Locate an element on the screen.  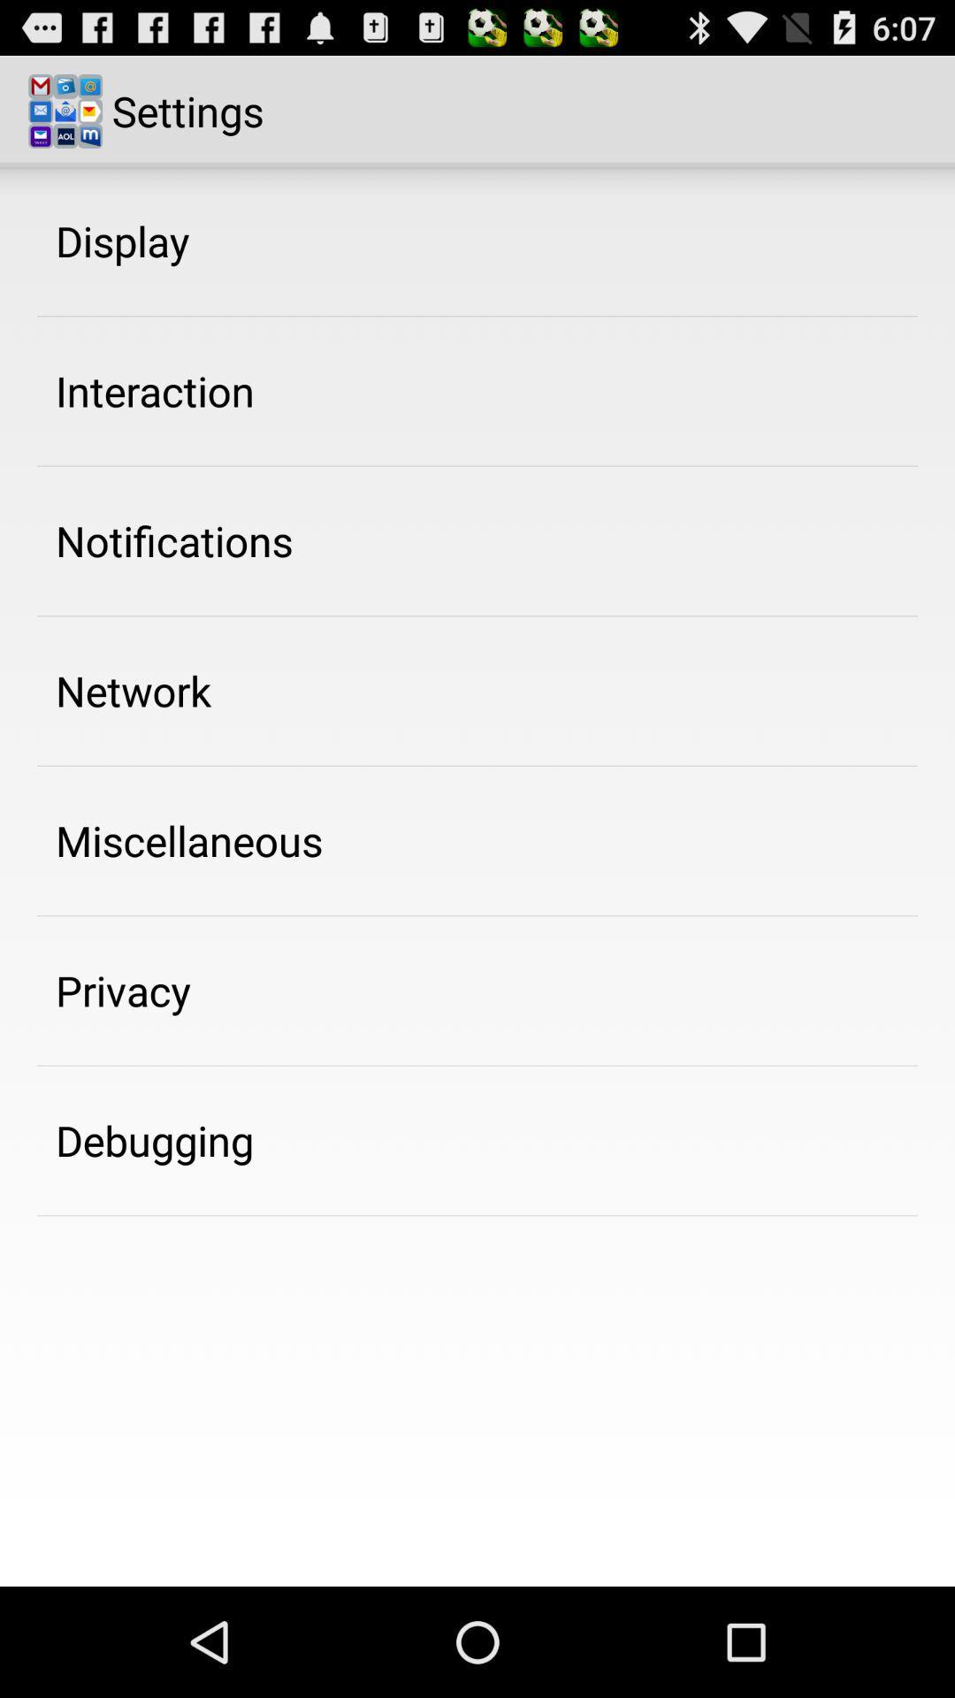
the display item is located at coordinates (121, 240).